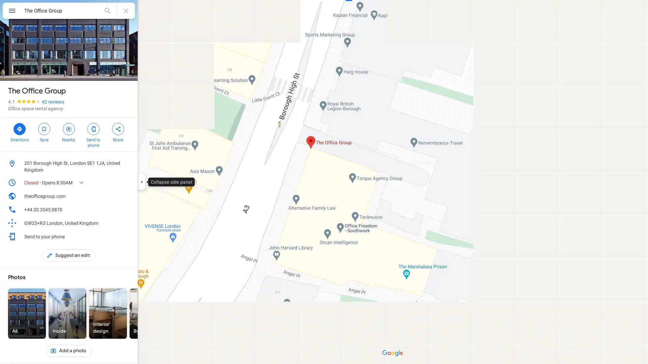  I want to click on Copy website, so click(126, 196).